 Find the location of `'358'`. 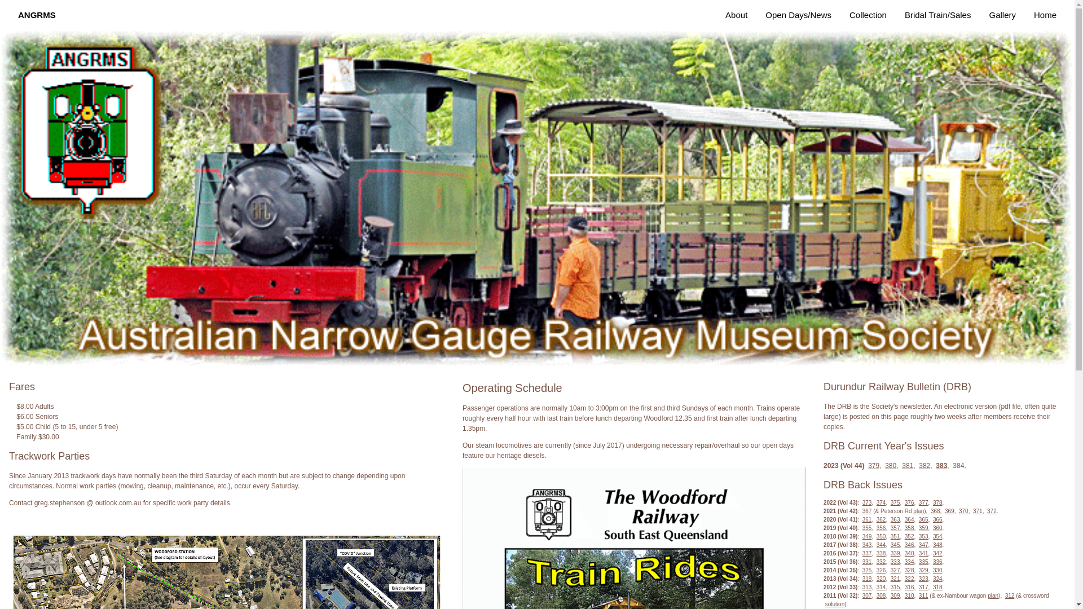

'358' is located at coordinates (904, 528).